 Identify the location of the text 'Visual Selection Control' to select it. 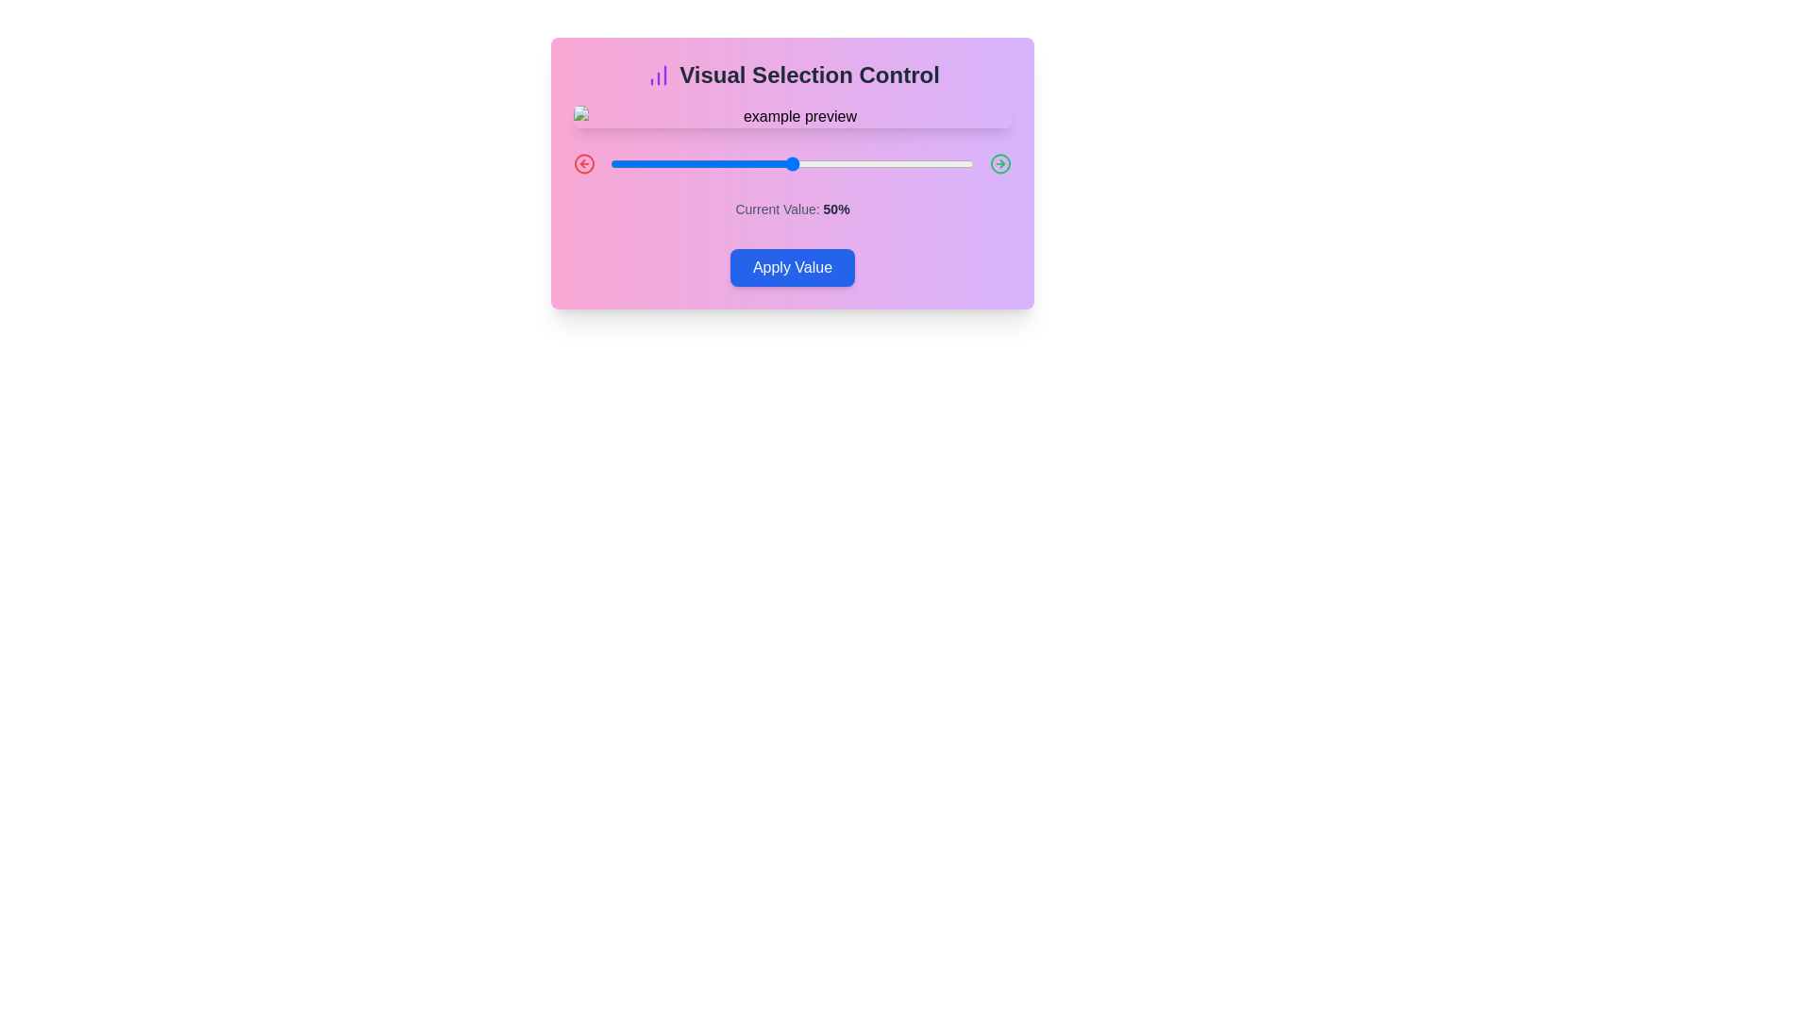
(793, 75).